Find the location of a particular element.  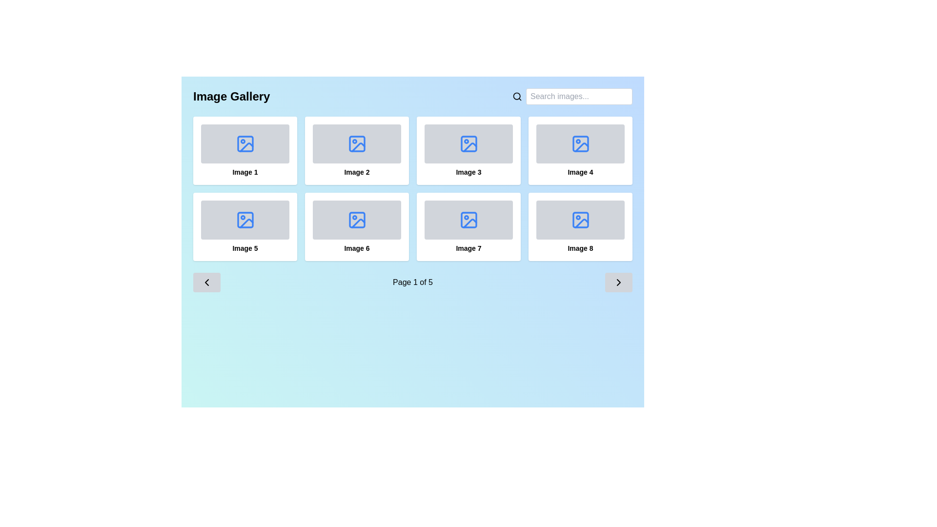

text label displaying 'Image 8' located beneath the image placeholder at the bottom-right corner of the grid layout is located at coordinates (580, 248).